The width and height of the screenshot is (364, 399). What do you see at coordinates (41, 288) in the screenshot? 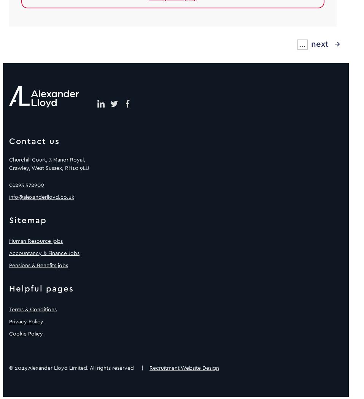
I see `'Helpful pages'` at bounding box center [41, 288].